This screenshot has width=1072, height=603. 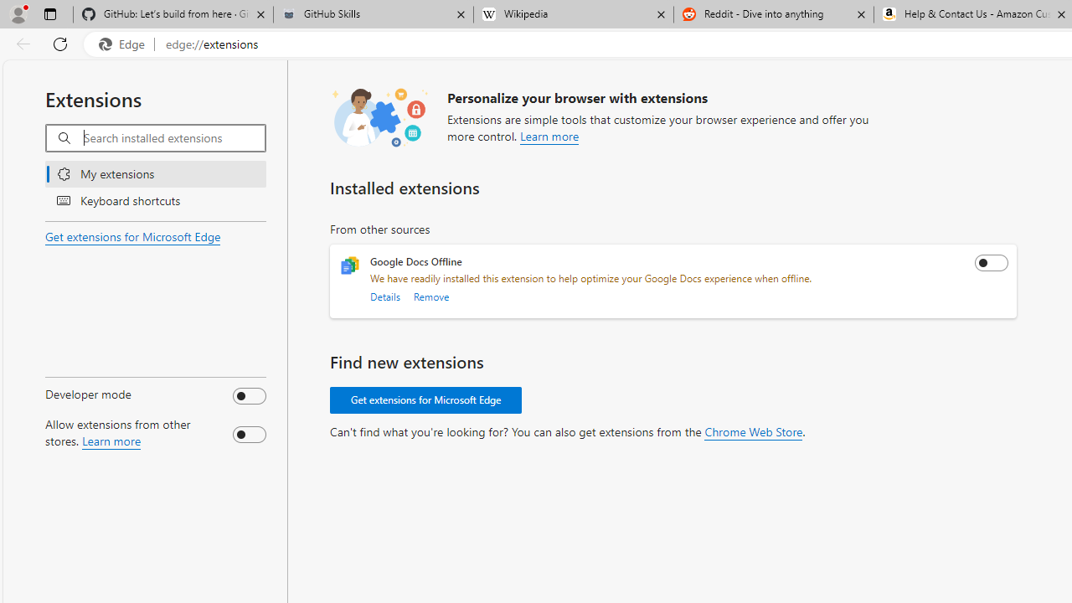 What do you see at coordinates (431, 296) in the screenshot?
I see `'Remove'` at bounding box center [431, 296].